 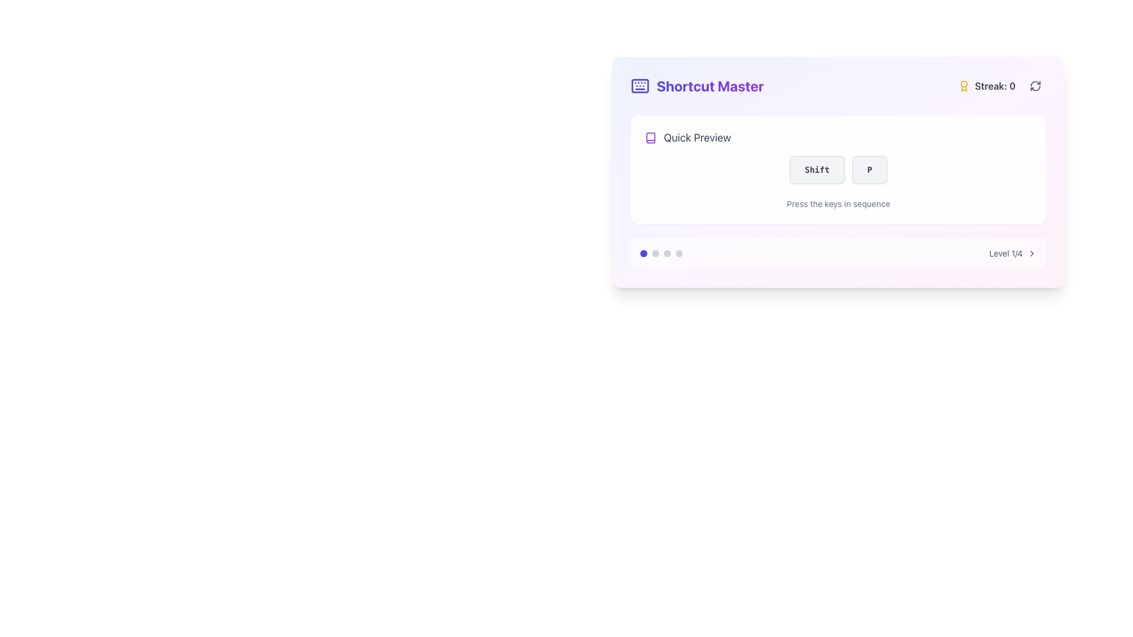 What do you see at coordinates (964, 83) in the screenshot?
I see `the decorative award icon represented by a circle within an SVG, located at the top-right corner of the interface` at bounding box center [964, 83].